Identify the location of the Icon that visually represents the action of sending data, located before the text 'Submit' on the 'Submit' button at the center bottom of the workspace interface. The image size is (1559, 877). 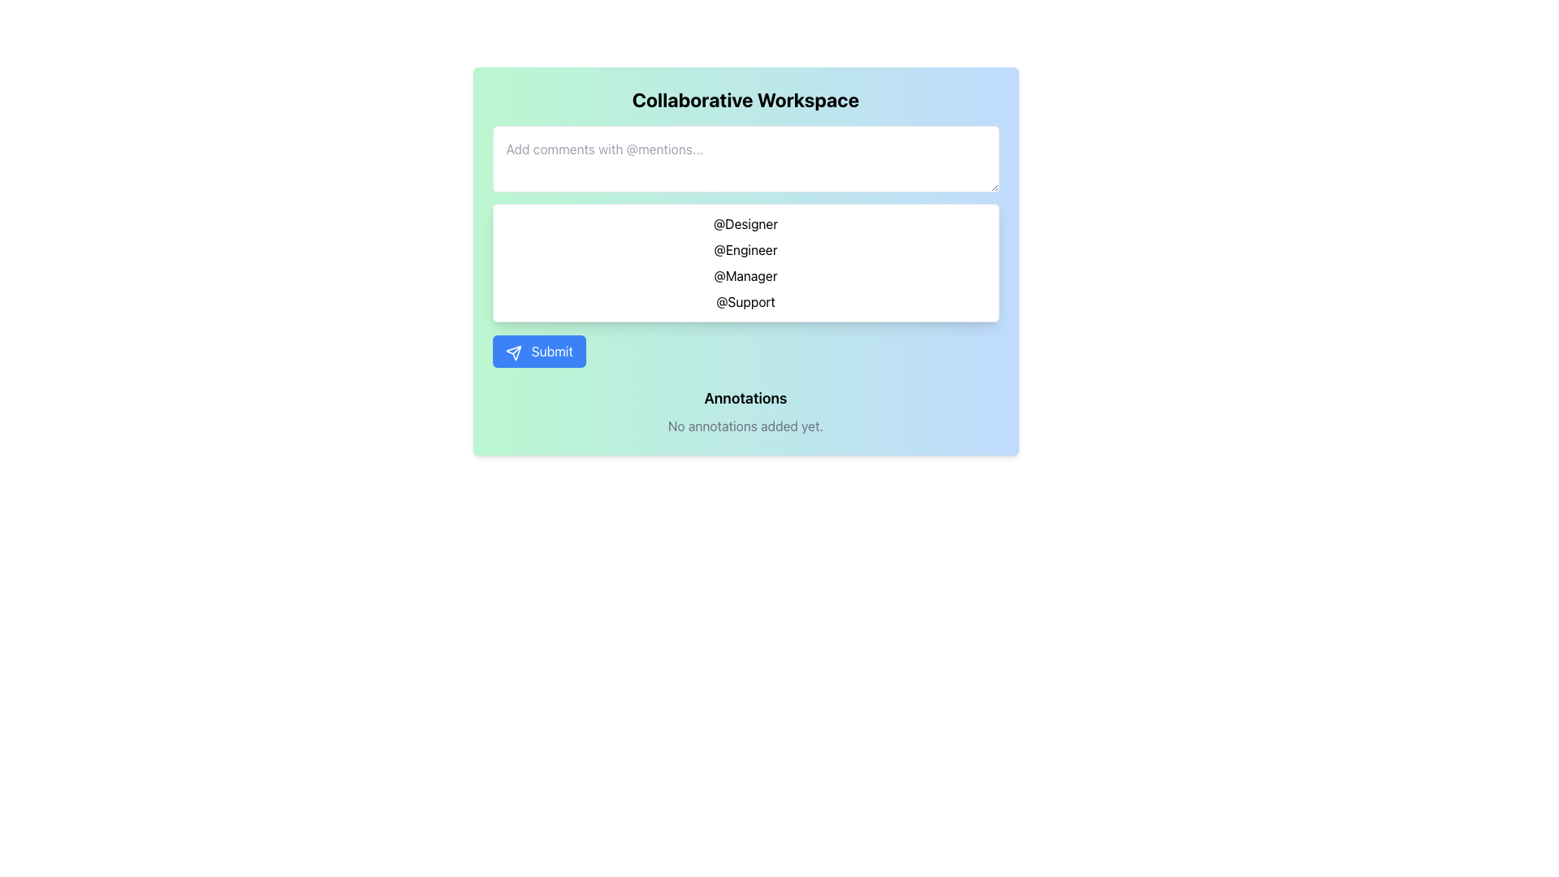
(512, 352).